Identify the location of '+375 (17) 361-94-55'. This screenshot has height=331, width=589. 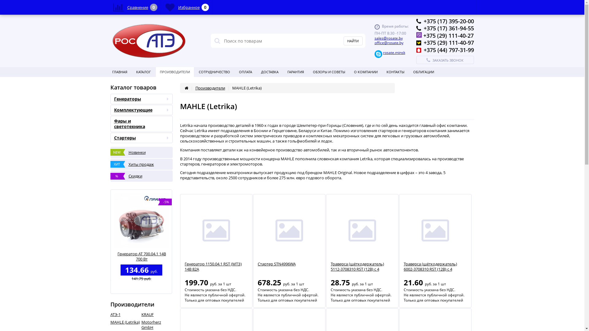
(448, 28).